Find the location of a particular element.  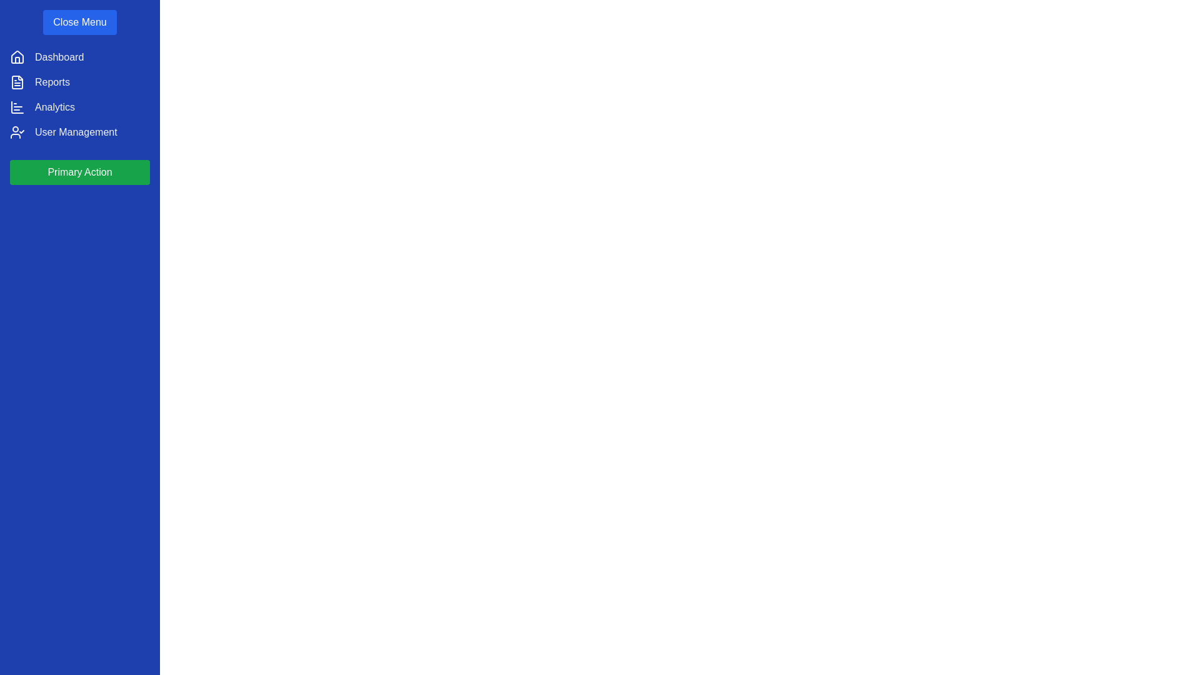

toggle button to toggle the drawer's state is located at coordinates (79, 22).